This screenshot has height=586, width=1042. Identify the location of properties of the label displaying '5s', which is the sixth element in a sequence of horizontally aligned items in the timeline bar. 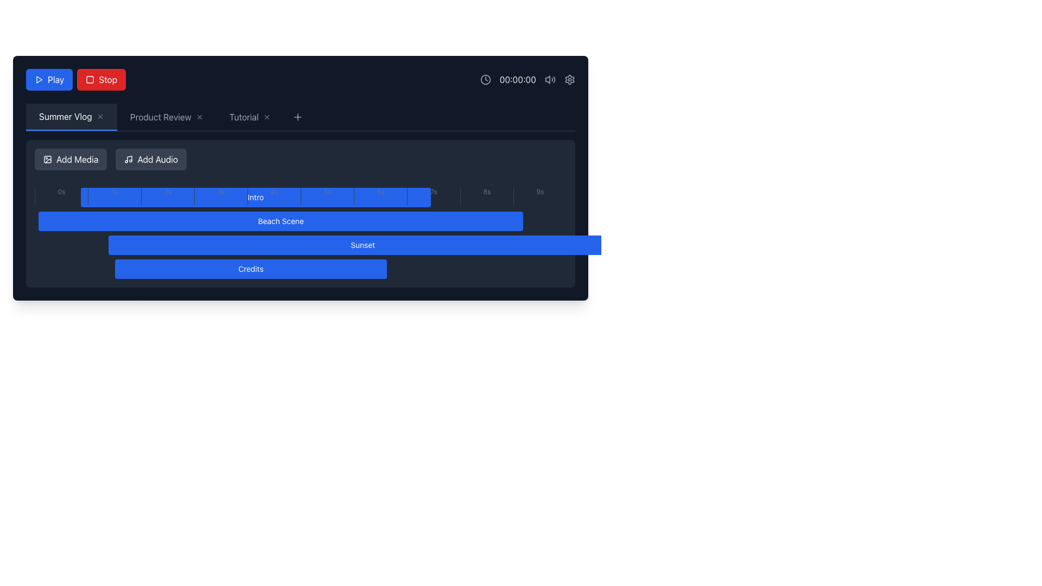
(327, 196).